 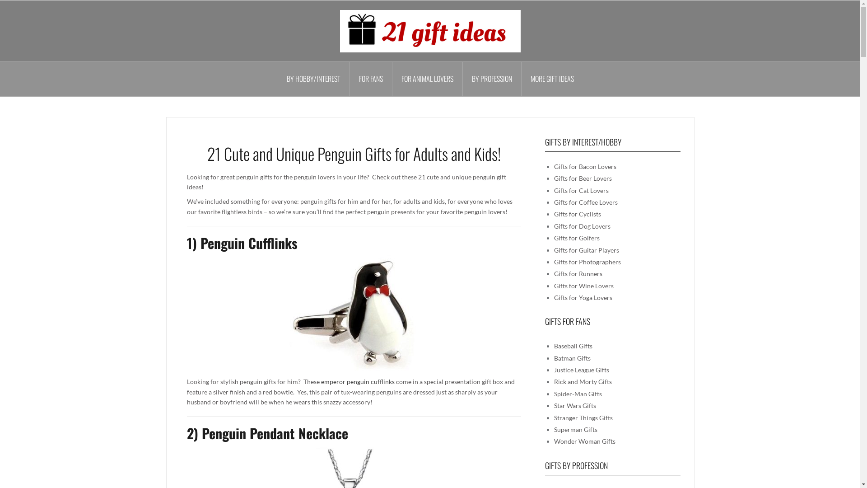 What do you see at coordinates (583, 381) in the screenshot?
I see `'Rick and Morty Gifts'` at bounding box center [583, 381].